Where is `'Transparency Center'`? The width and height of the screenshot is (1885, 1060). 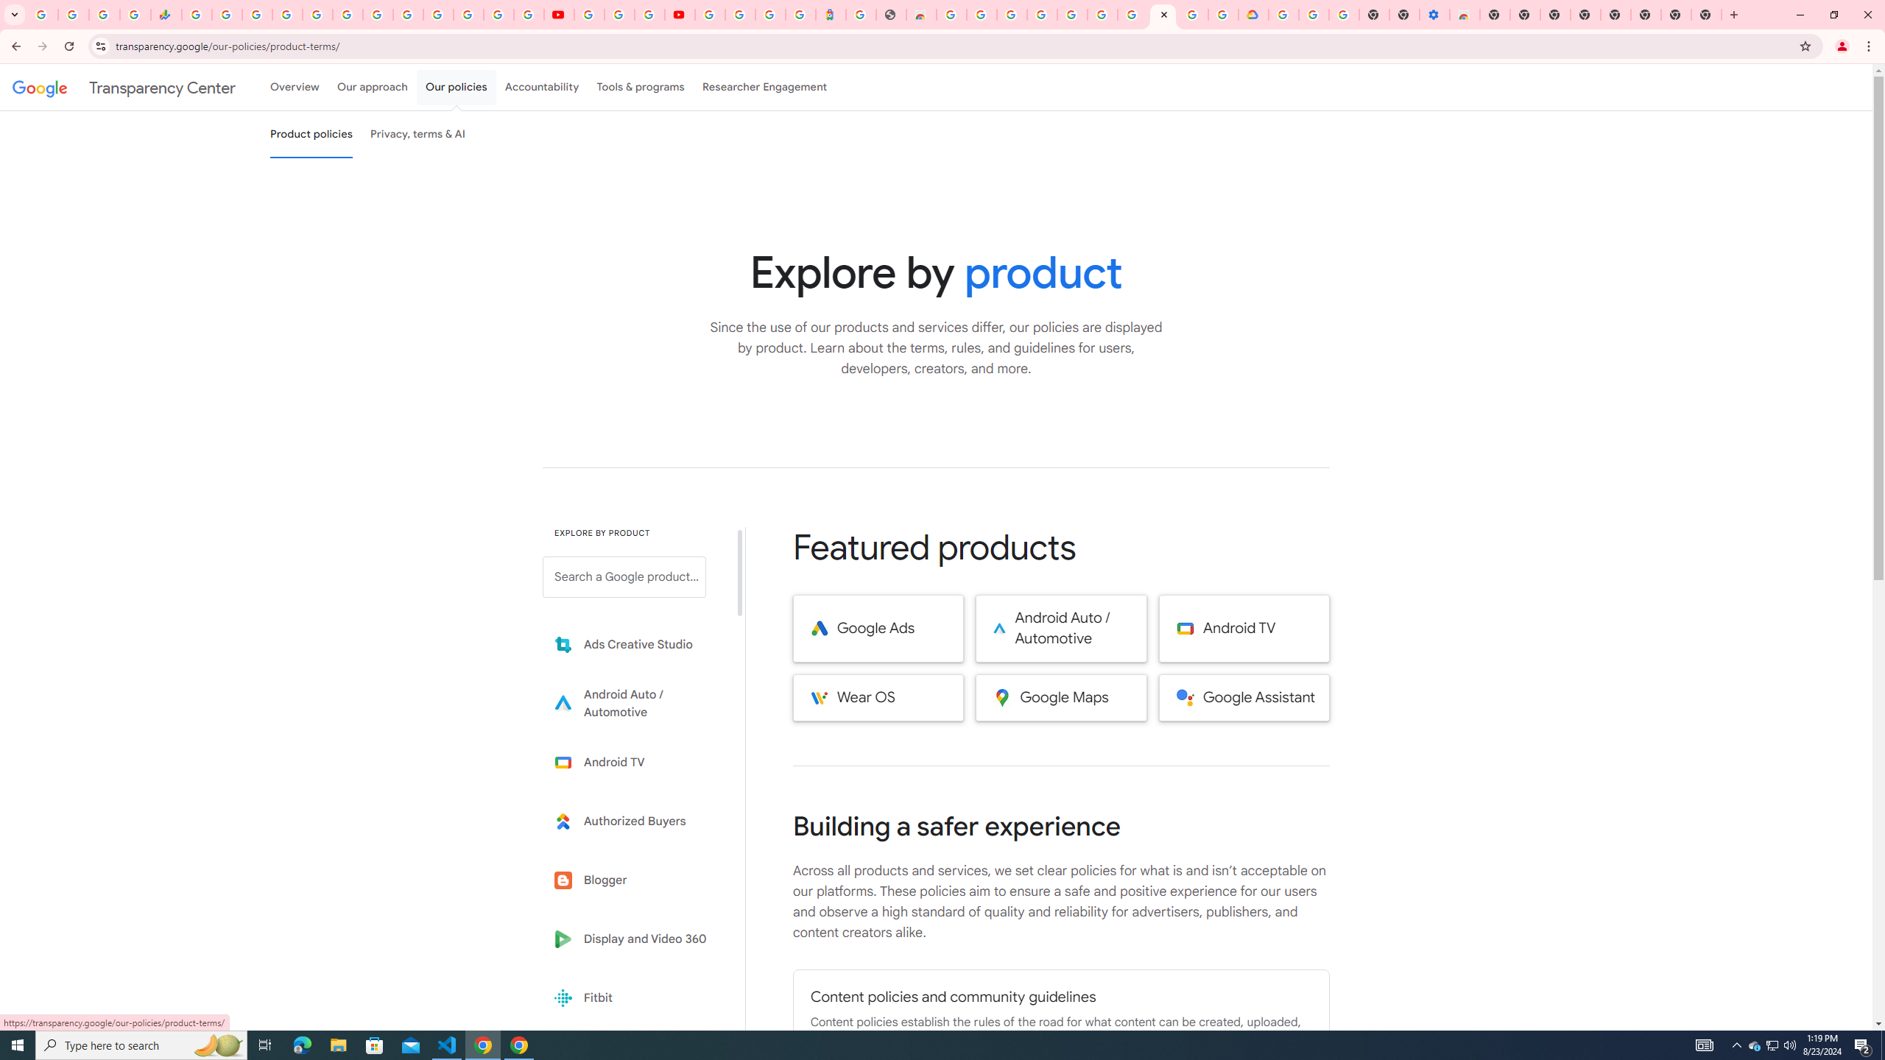
'Transparency Center' is located at coordinates (123, 87).